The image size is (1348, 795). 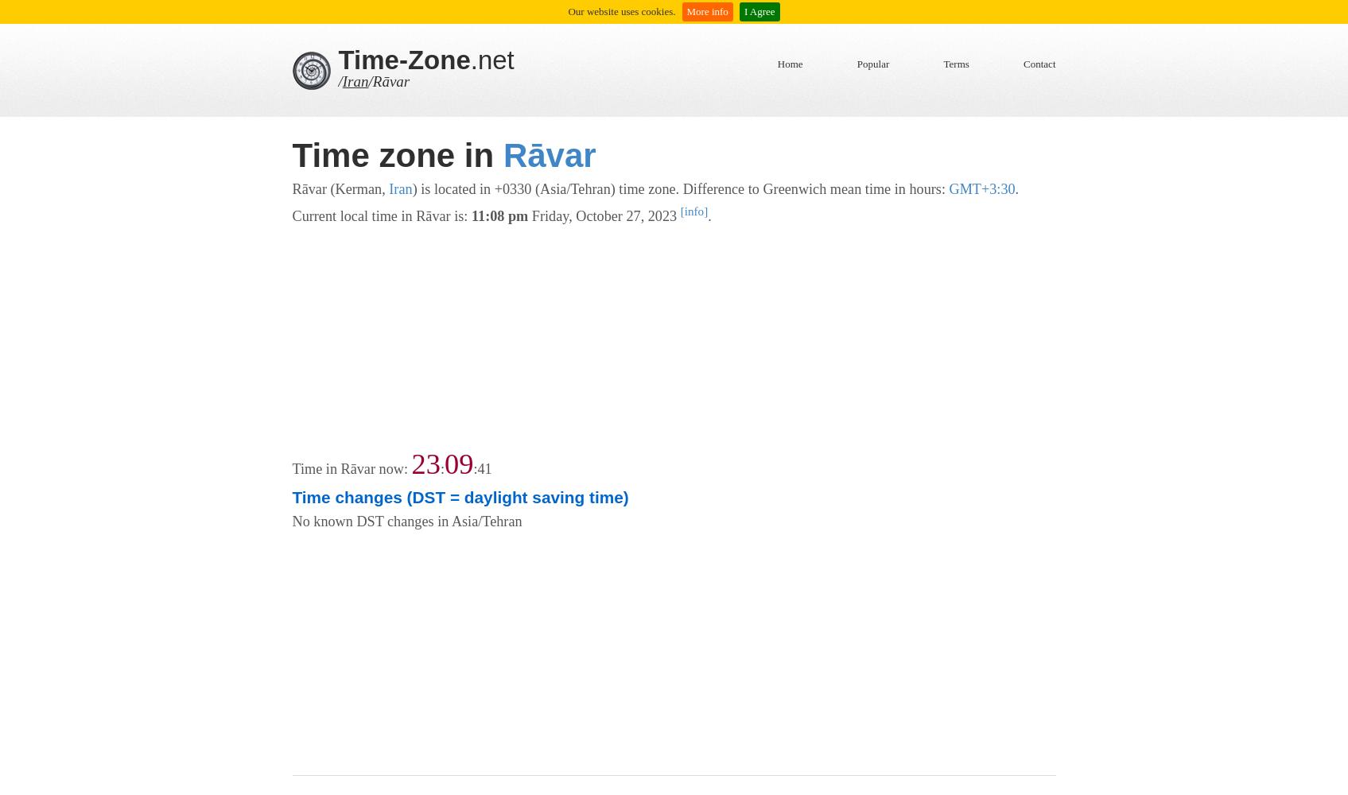 What do you see at coordinates (1039, 63) in the screenshot?
I see `'Contact'` at bounding box center [1039, 63].